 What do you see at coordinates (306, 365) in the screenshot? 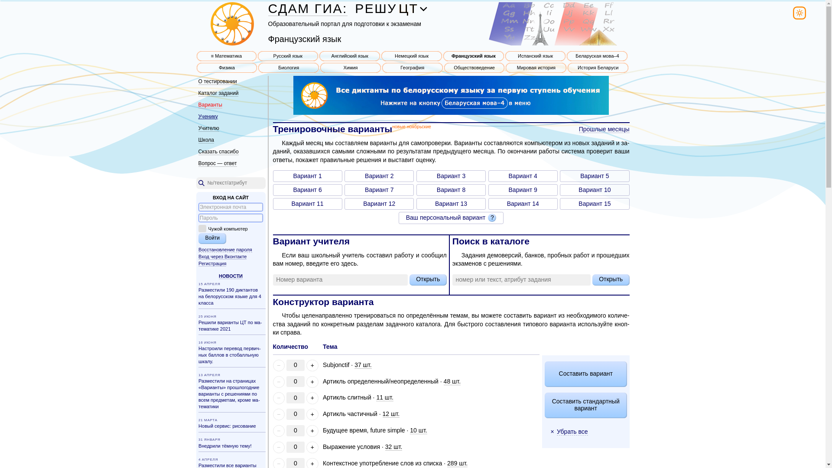
I see `'+'` at bounding box center [306, 365].